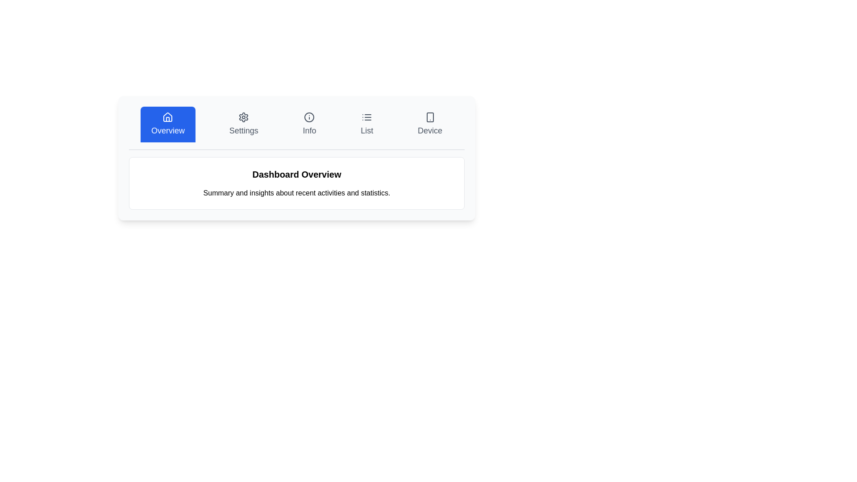  Describe the element at coordinates (168, 116) in the screenshot. I see `the home icon located in the top navigation section, specifically within the 'Overview' tab that is highlighted with a blue background` at that location.